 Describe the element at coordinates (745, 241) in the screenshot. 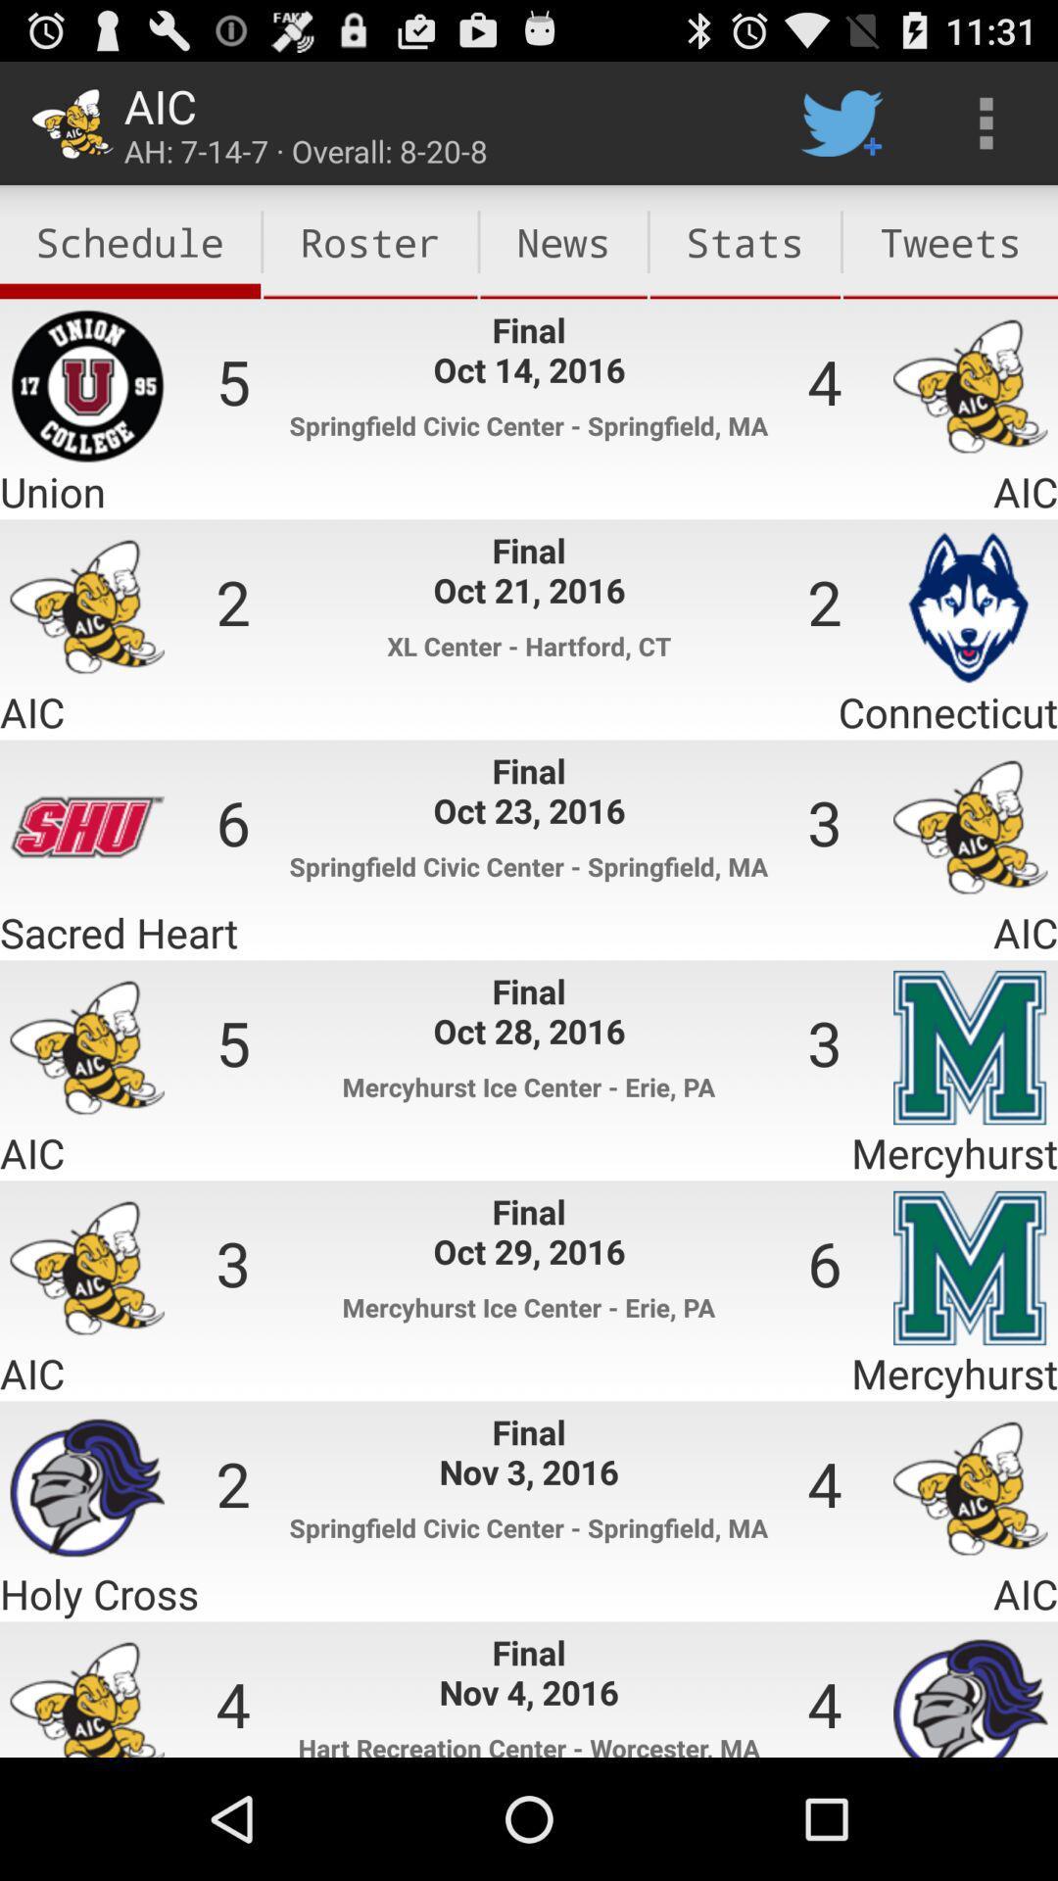

I see `the item to the right of the news` at that location.